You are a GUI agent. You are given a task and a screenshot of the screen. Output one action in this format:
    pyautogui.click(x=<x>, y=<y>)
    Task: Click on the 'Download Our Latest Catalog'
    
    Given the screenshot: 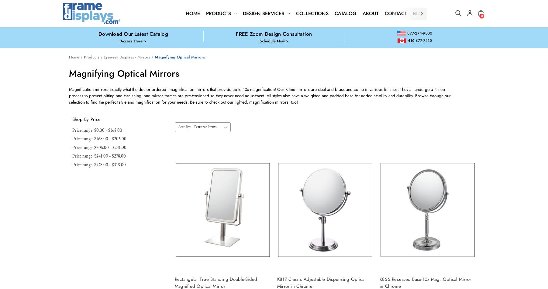 What is the action you would take?
    pyautogui.click(x=98, y=33)
    